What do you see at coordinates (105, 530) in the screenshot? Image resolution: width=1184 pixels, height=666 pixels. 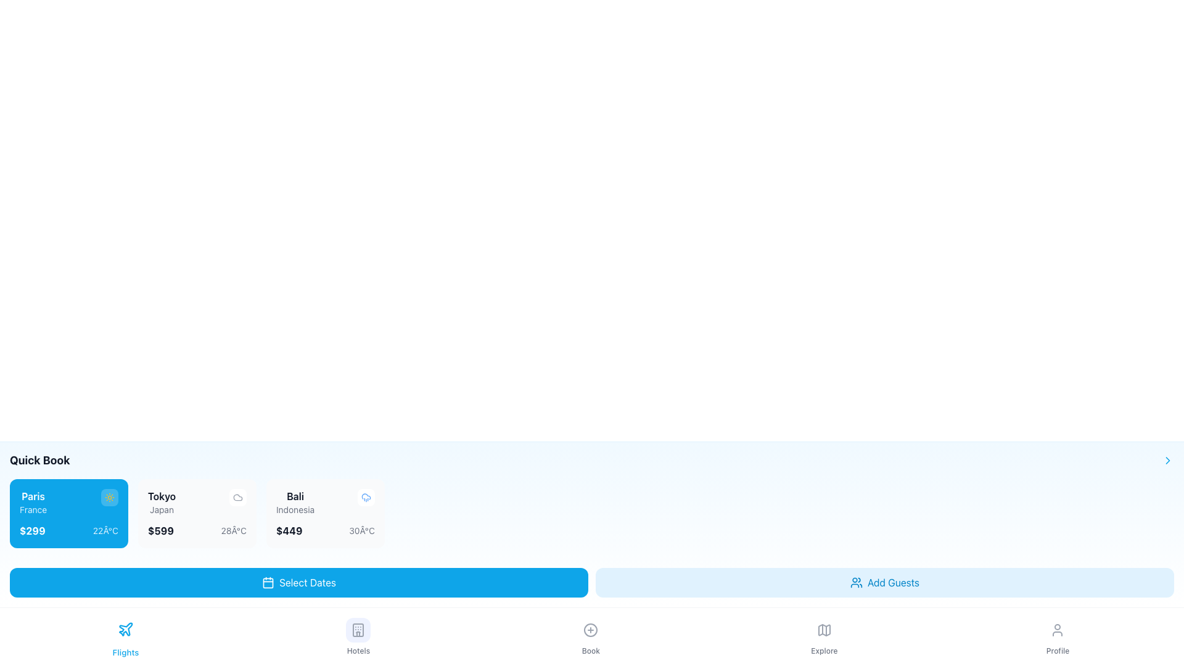 I see `the text display showing '22°C' in light blue font color within the city card for 'Paris, France'` at bounding box center [105, 530].